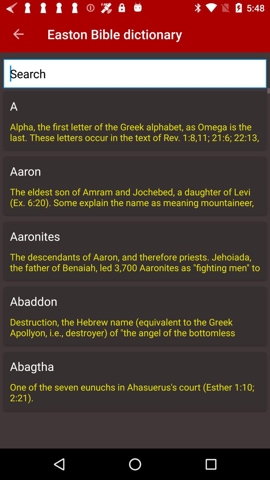  What do you see at coordinates (135, 301) in the screenshot?
I see `icon above destruction the hebrew item` at bounding box center [135, 301].